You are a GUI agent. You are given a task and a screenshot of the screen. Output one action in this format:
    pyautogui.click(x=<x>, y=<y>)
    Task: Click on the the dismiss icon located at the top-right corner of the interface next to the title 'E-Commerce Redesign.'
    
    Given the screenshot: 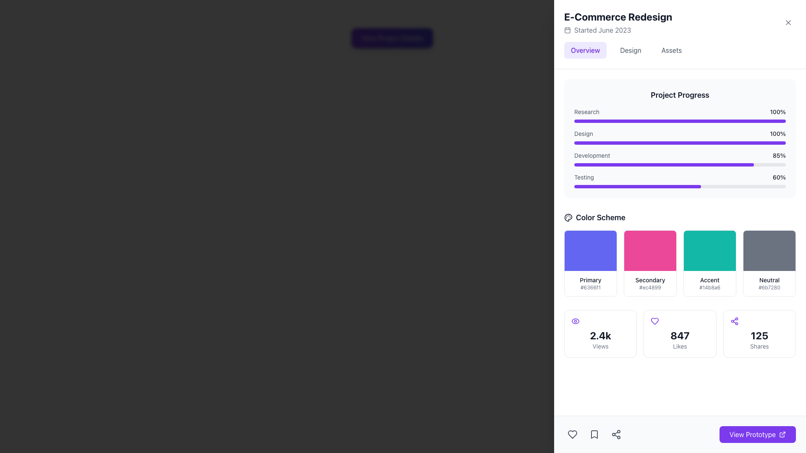 What is the action you would take?
    pyautogui.click(x=788, y=22)
    